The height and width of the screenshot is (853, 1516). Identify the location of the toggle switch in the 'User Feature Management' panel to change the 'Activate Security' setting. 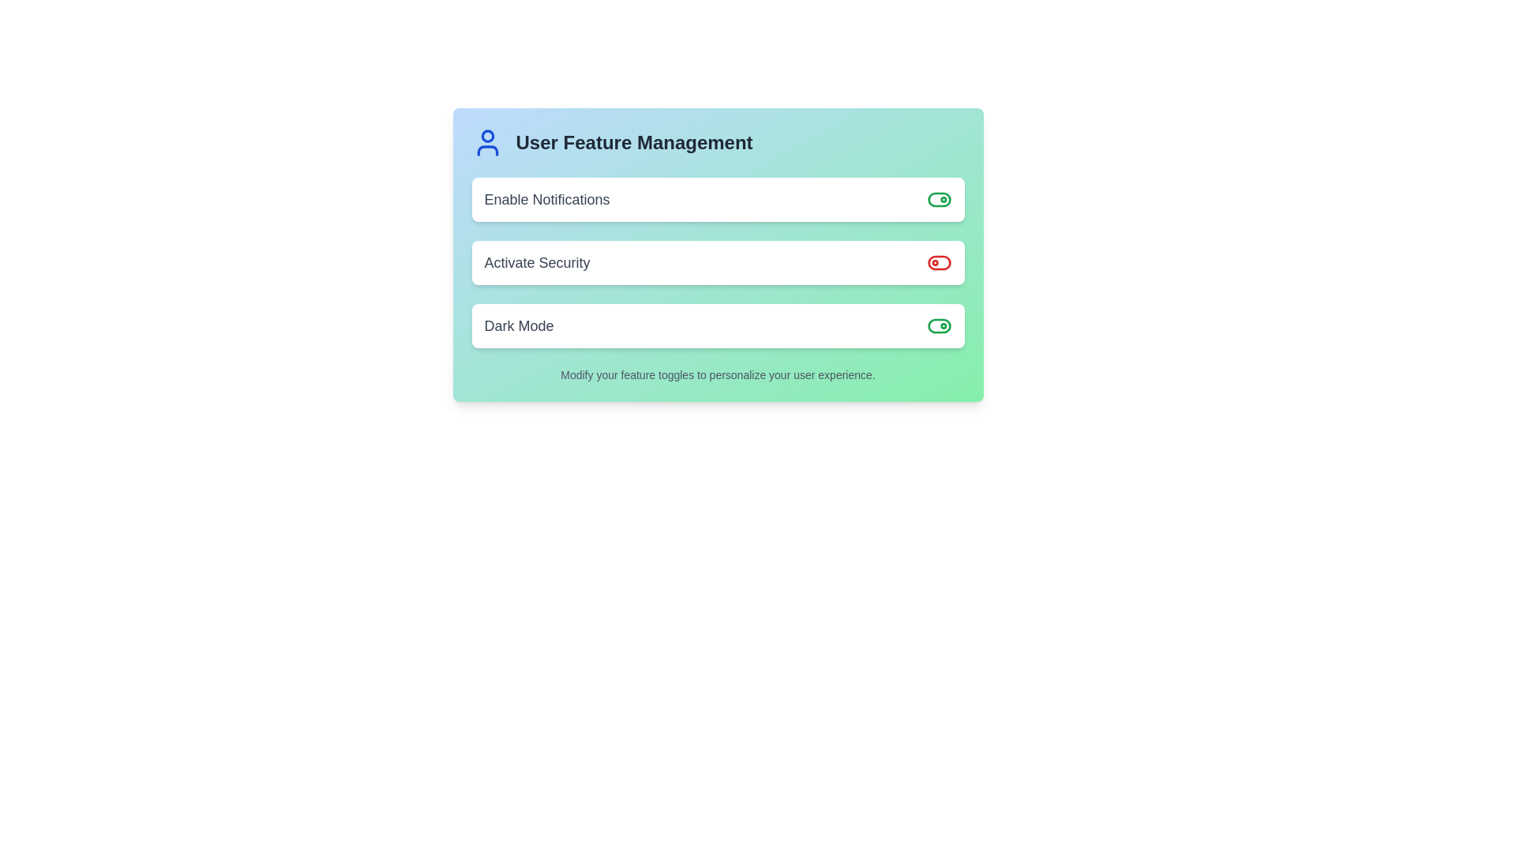
(717, 254).